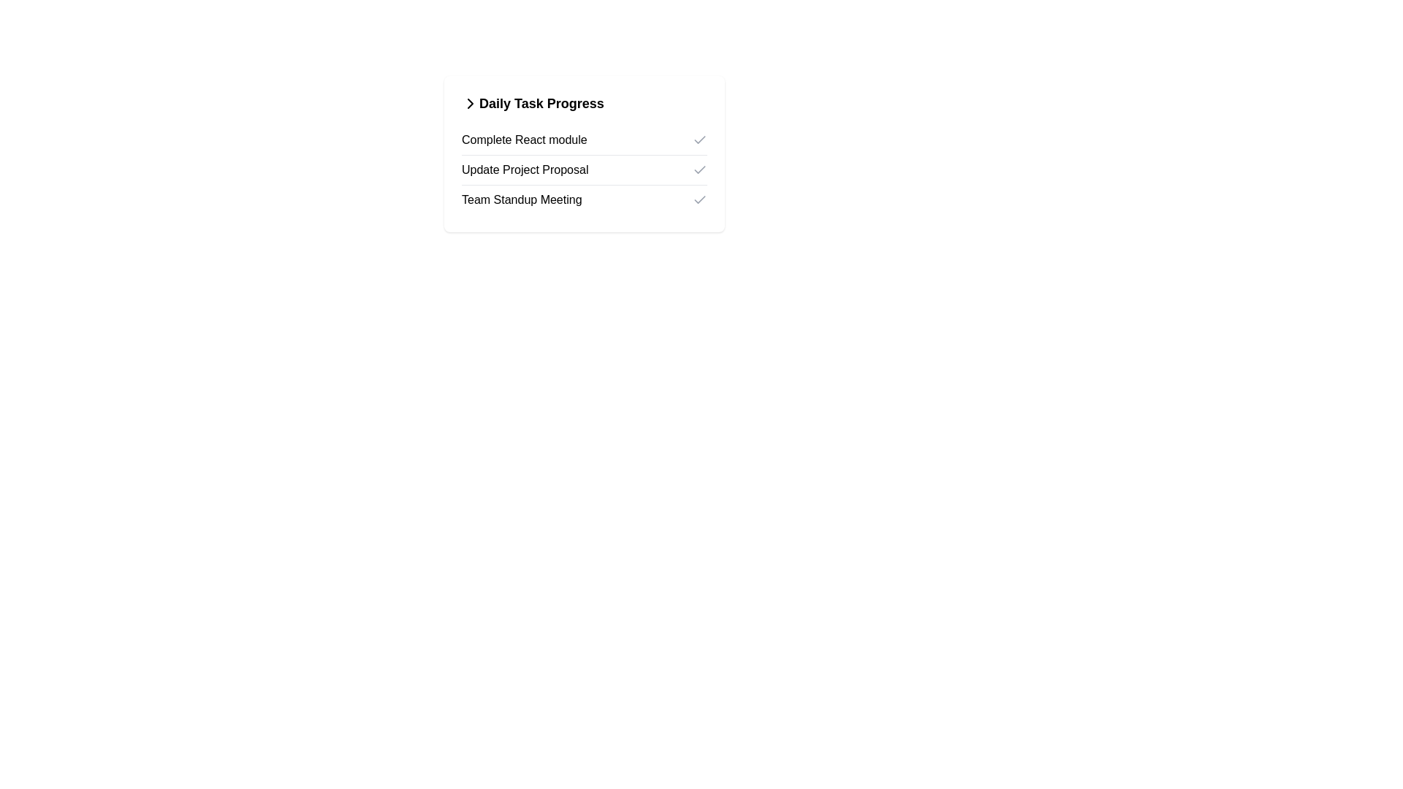 This screenshot has height=789, width=1403. Describe the element at coordinates (699, 140) in the screenshot. I see `the checkmark icon indicating the status of the task 'Complete React module', located at the top of the task list` at that location.